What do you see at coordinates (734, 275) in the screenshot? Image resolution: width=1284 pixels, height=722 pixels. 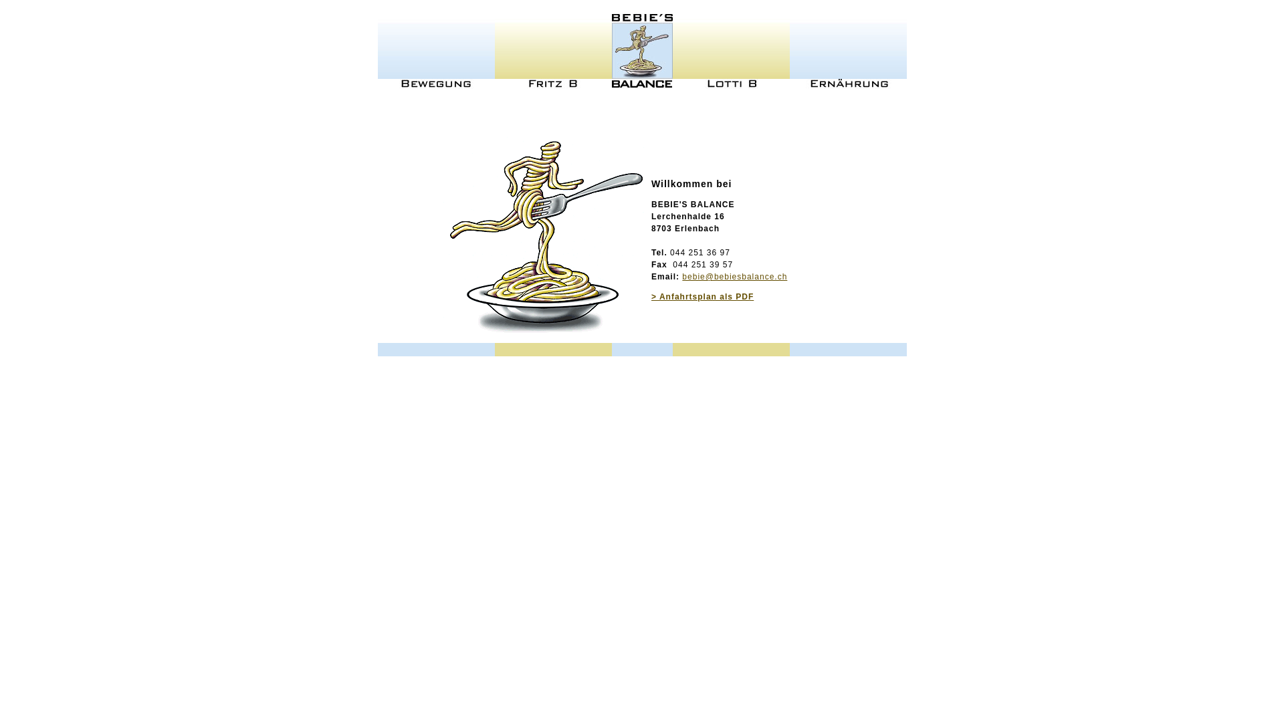 I see `'bebie@bebiesbalance.ch'` at bounding box center [734, 275].